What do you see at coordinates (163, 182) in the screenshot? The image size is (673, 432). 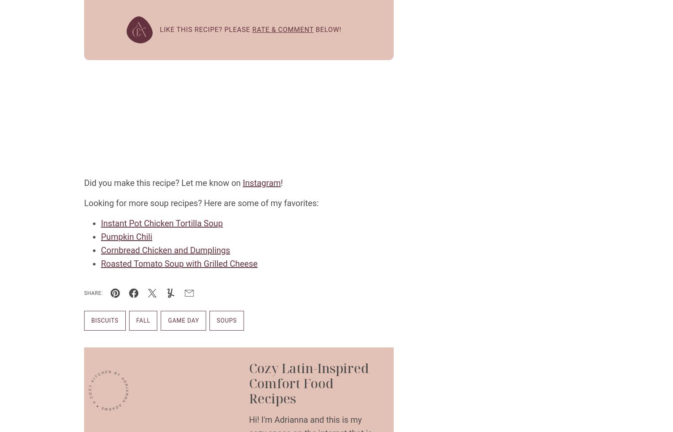 I see `'Did you make this recipe? Let me know on'` at bounding box center [163, 182].